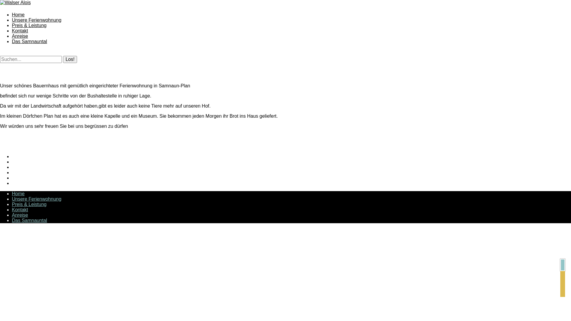 This screenshot has width=571, height=321. Describe the element at coordinates (18, 14) in the screenshot. I see `'Home'` at that location.